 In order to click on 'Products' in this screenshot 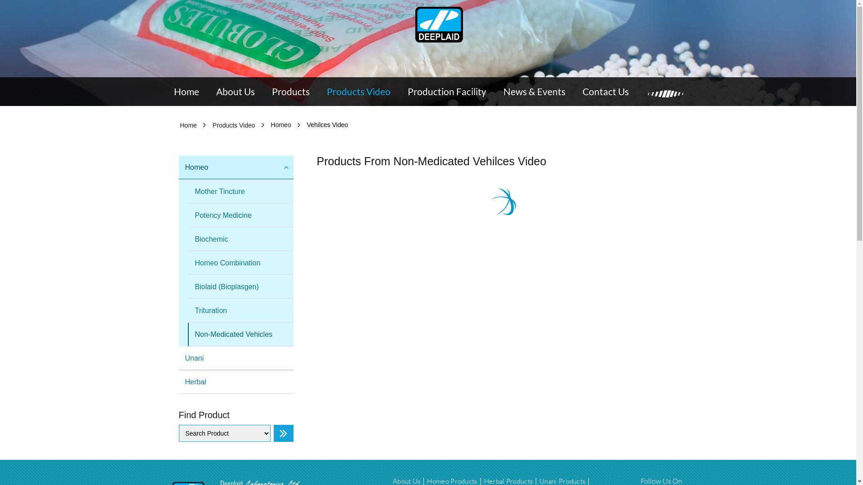, I will do `click(290, 92)`.